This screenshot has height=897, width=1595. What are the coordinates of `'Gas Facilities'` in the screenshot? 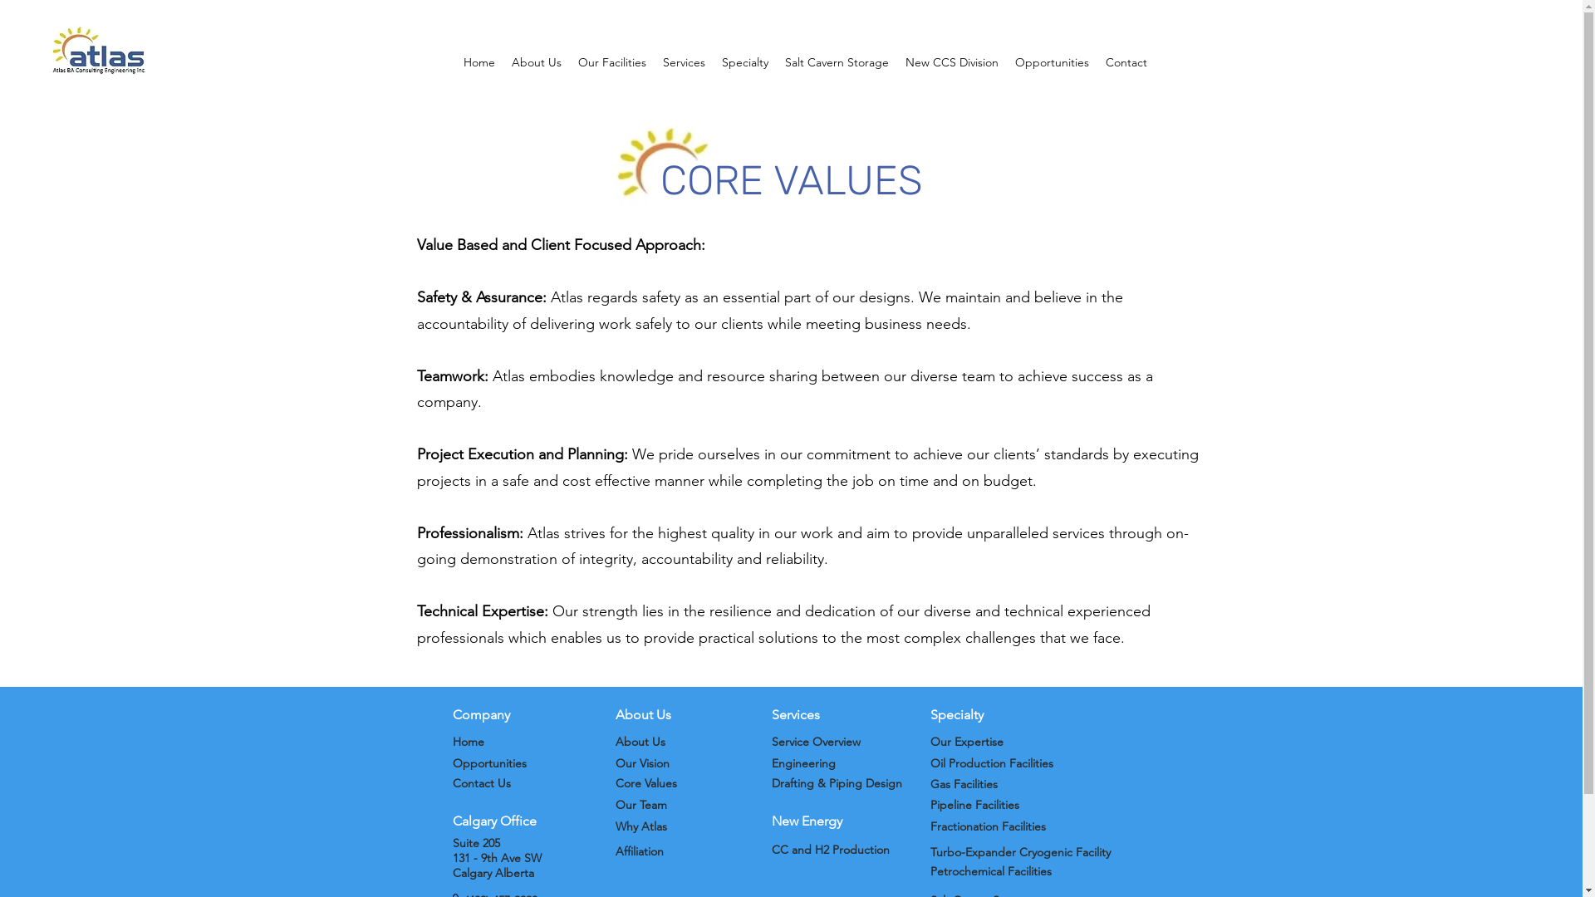 It's located at (964, 784).